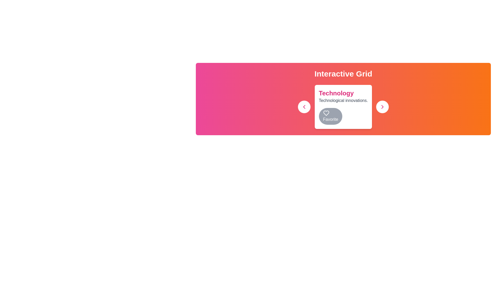 The width and height of the screenshot is (504, 283). I want to click on the heart-shaped icon inside the circular button labeled 'Favorite' located in the bottom-left corner of the 'Technology' card in the 'Interactive Grid' section, so click(326, 113).